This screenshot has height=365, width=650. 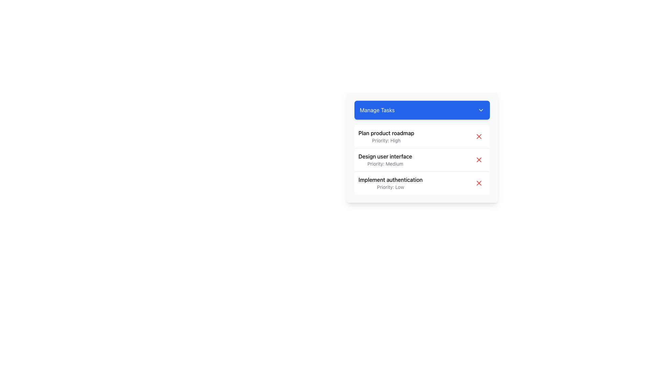 I want to click on the downward-pointing chevron arrow in the 'Manage Tasks' header section, so click(x=480, y=110).